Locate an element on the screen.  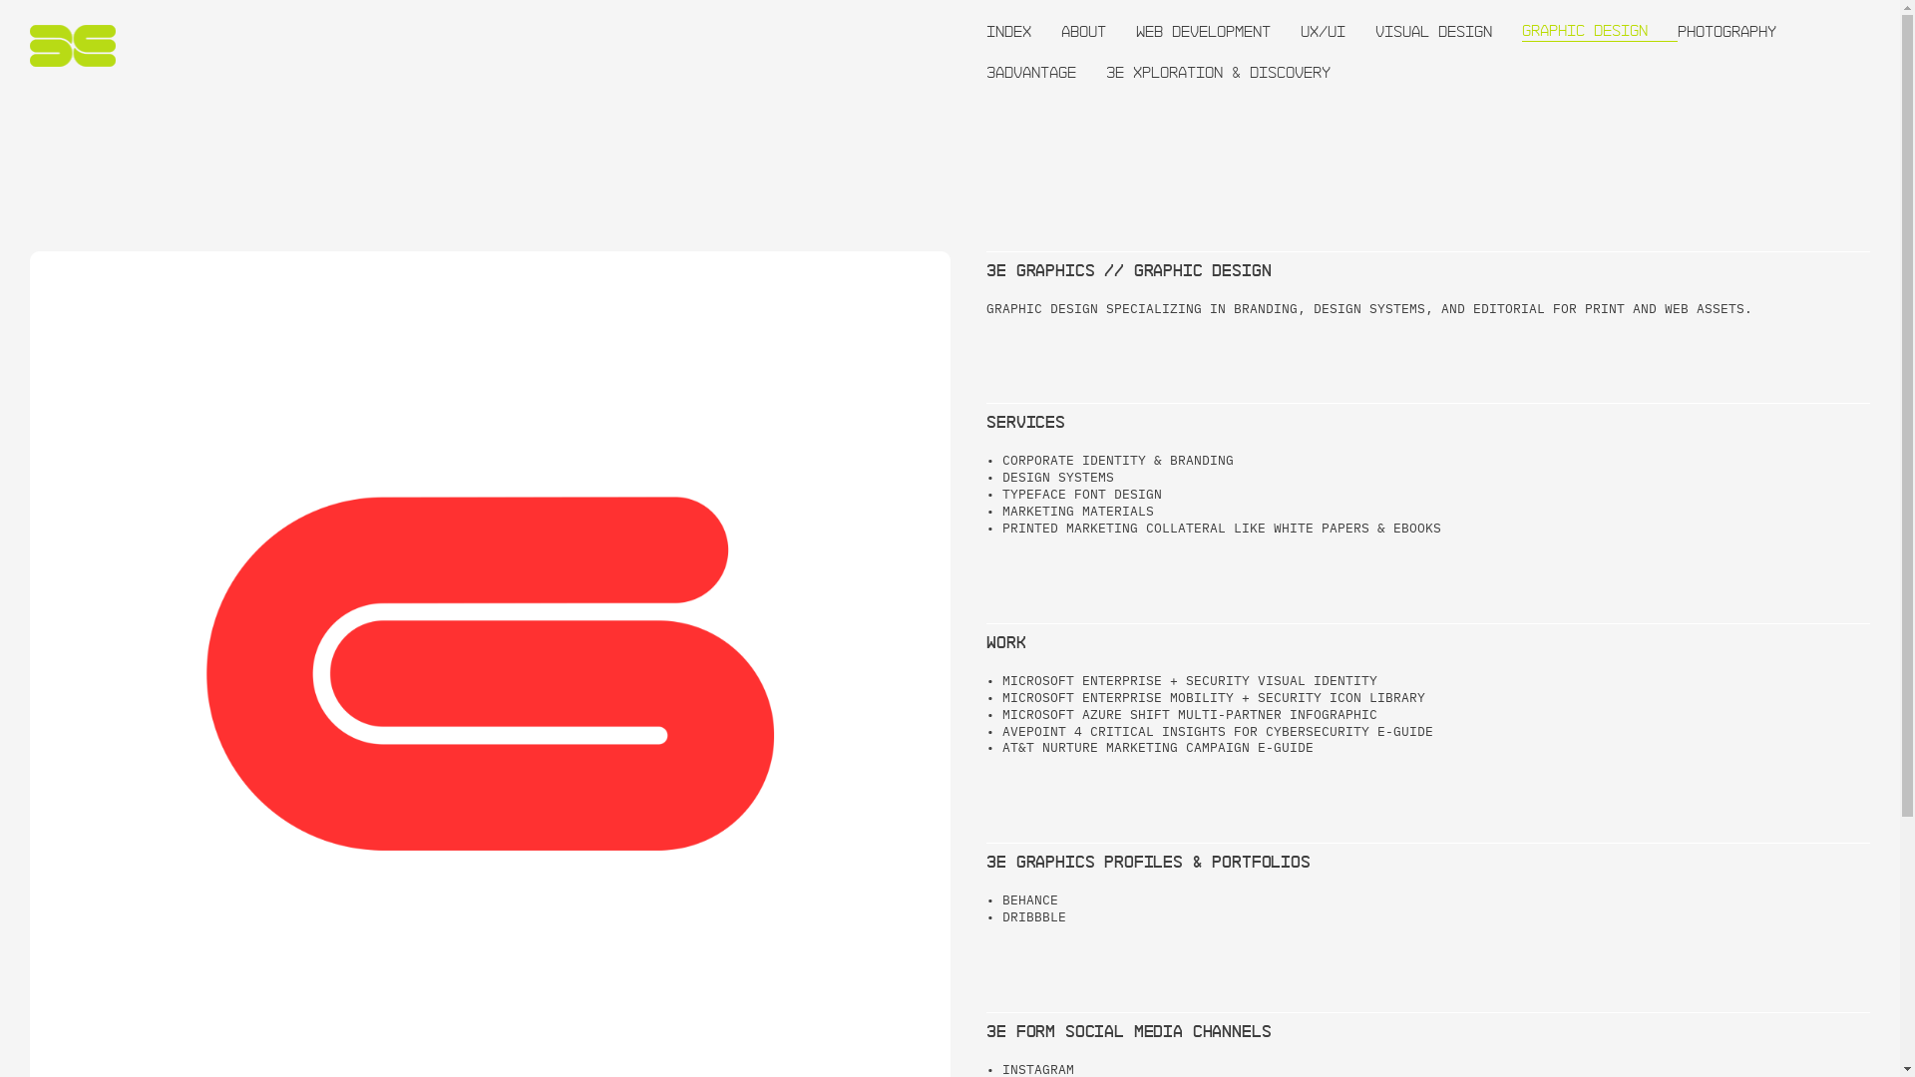
'INDEX' is located at coordinates (1023, 20).